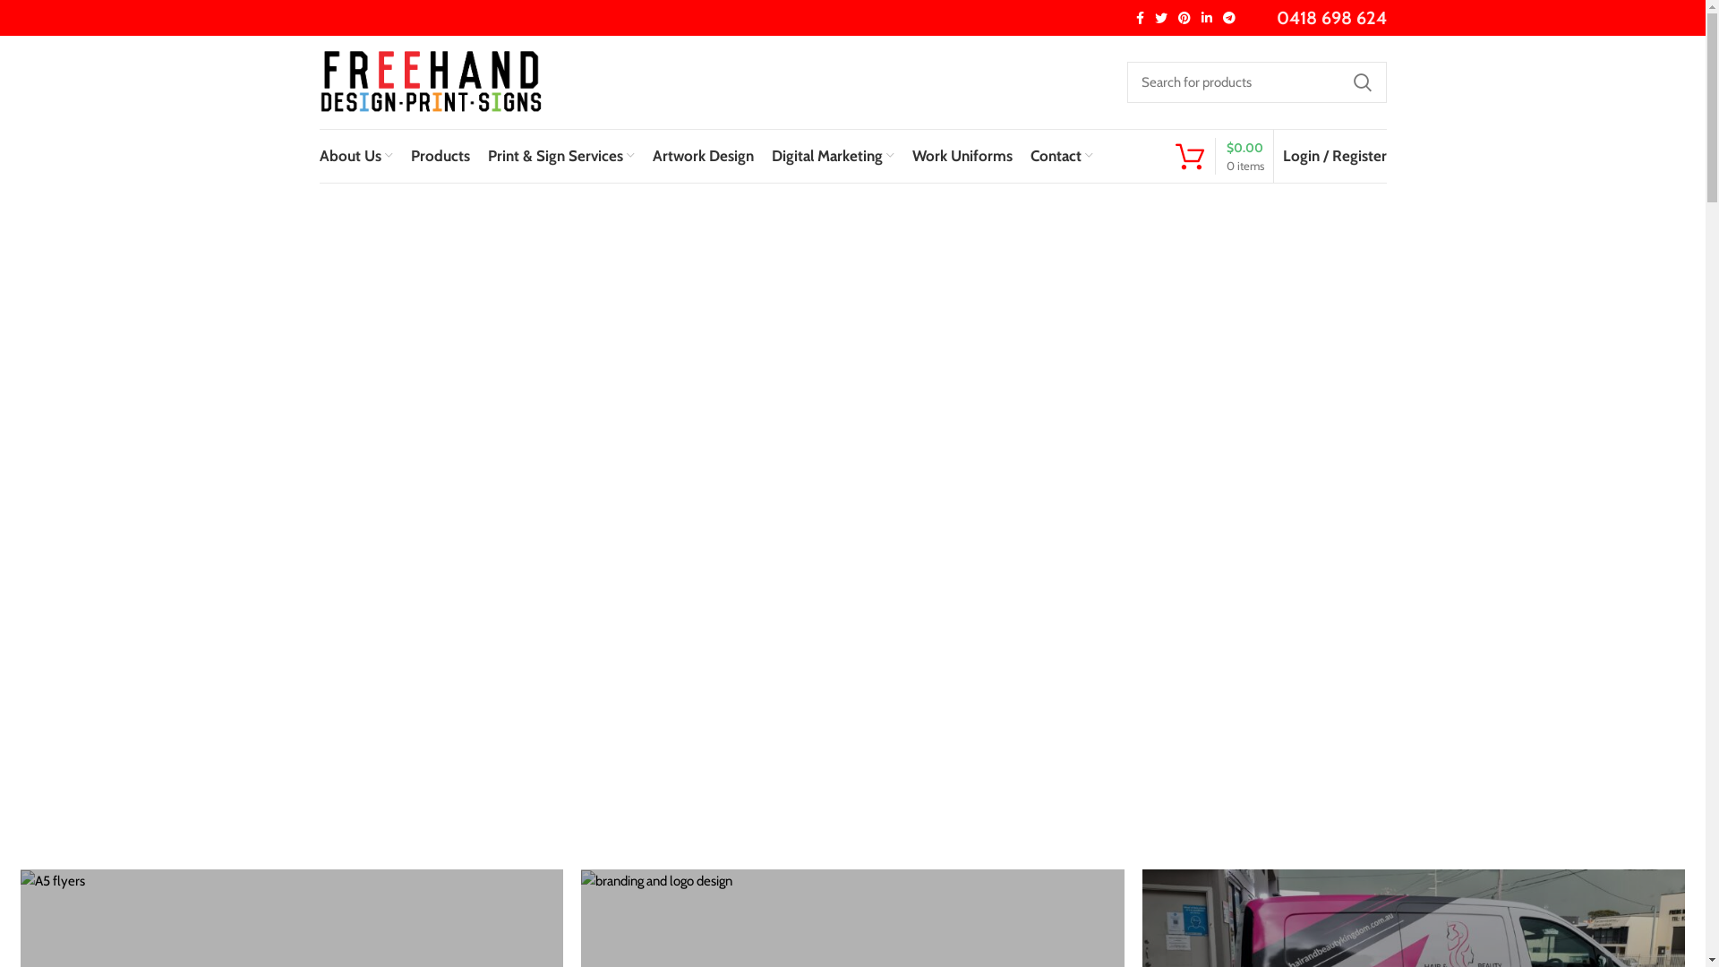 The height and width of the screenshot is (967, 1719). Describe the element at coordinates (355, 154) in the screenshot. I see `'About Us'` at that location.